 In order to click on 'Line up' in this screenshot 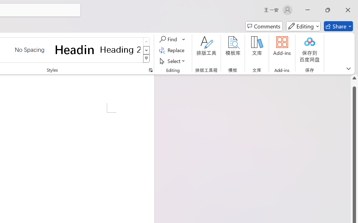, I will do `click(354, 78)`.